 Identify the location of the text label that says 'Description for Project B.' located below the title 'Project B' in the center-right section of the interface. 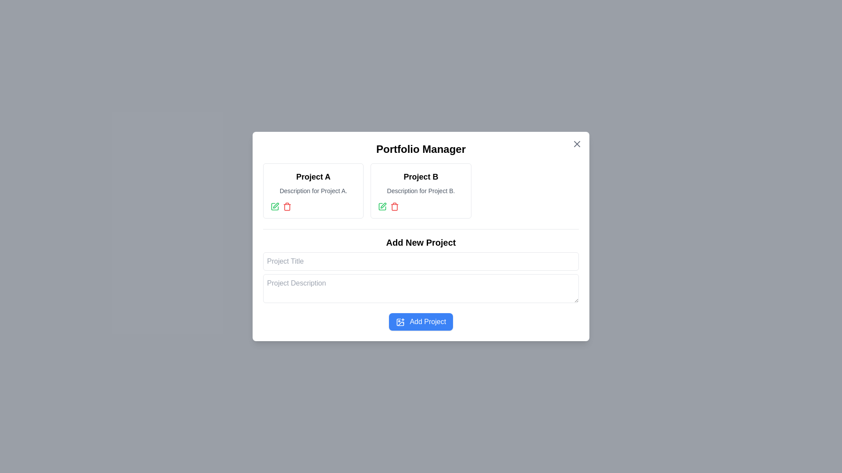
(421, 190).